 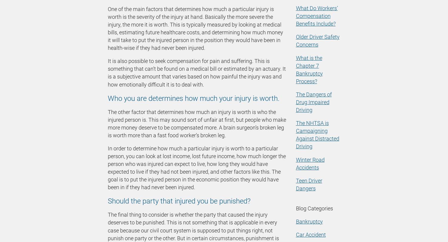 I want to click on 'One of the main factors that determines how much a particular injury is worth is the severity of the injury at hand. Basically the more severe the injury, the more it is worth. This is typically measured by looking at medical bills, estimating future healthcare costs, and determining how much money it will take to put the injured person in the position they would have been in health-wise if they had never been injured.', so click(x=195, y=28).